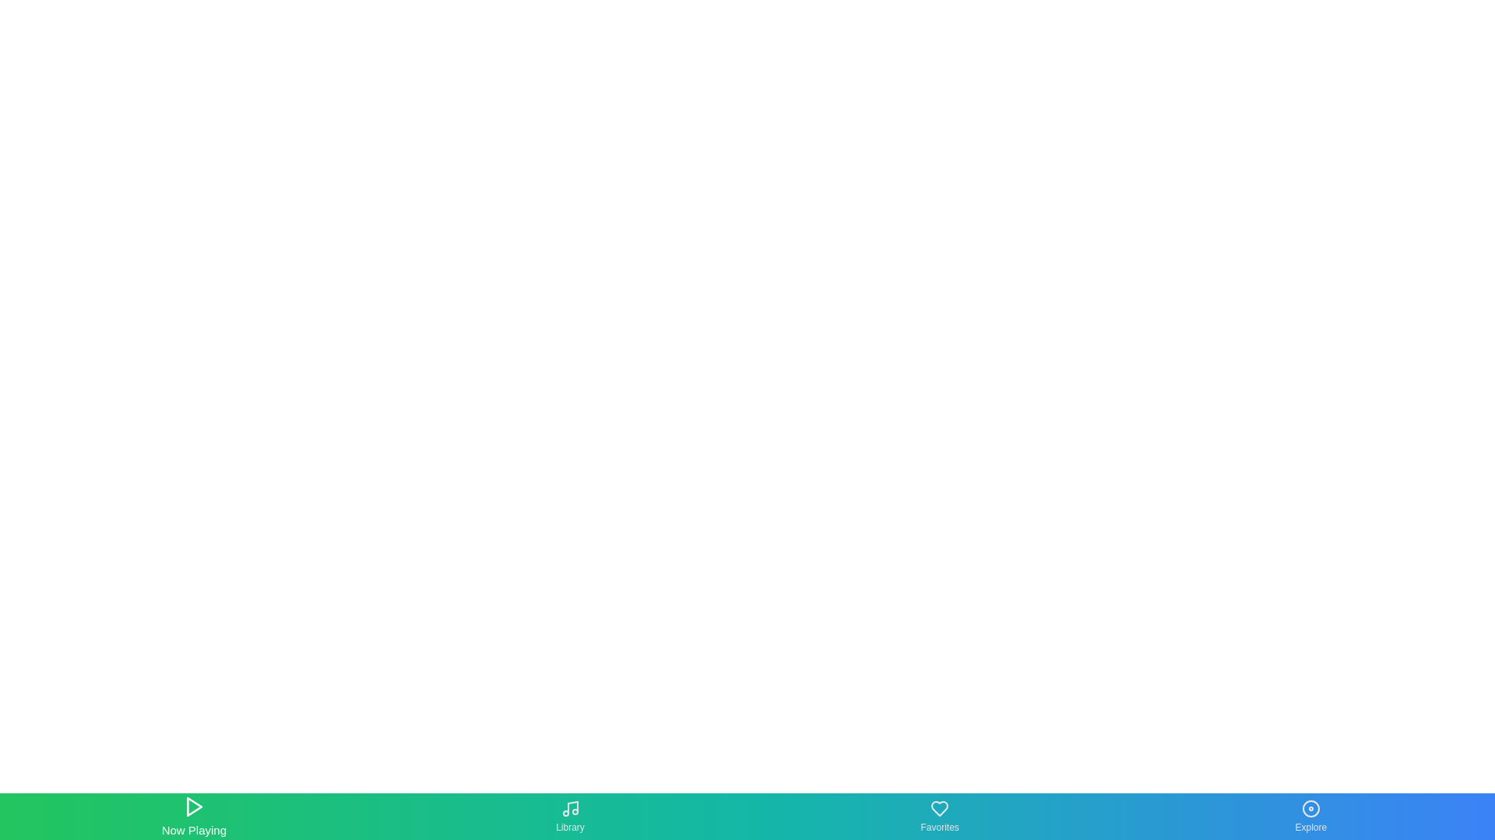 This screenshot has width=1495, height=840. I want to click on the tab labeled Now Playing to inspect its tooltip or label, so click(193, 815).